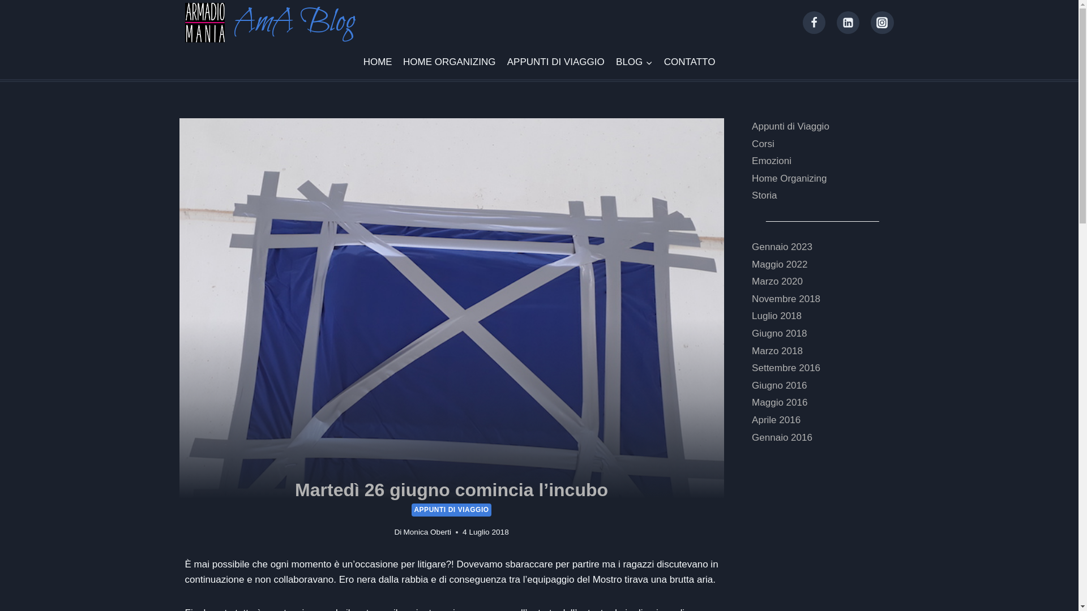 The height and width of the screenshot is (611, 1087). Describe the element at coordinates (790, 126) in the screenshot. I see `'Appunti di Viaggio'` at that location.